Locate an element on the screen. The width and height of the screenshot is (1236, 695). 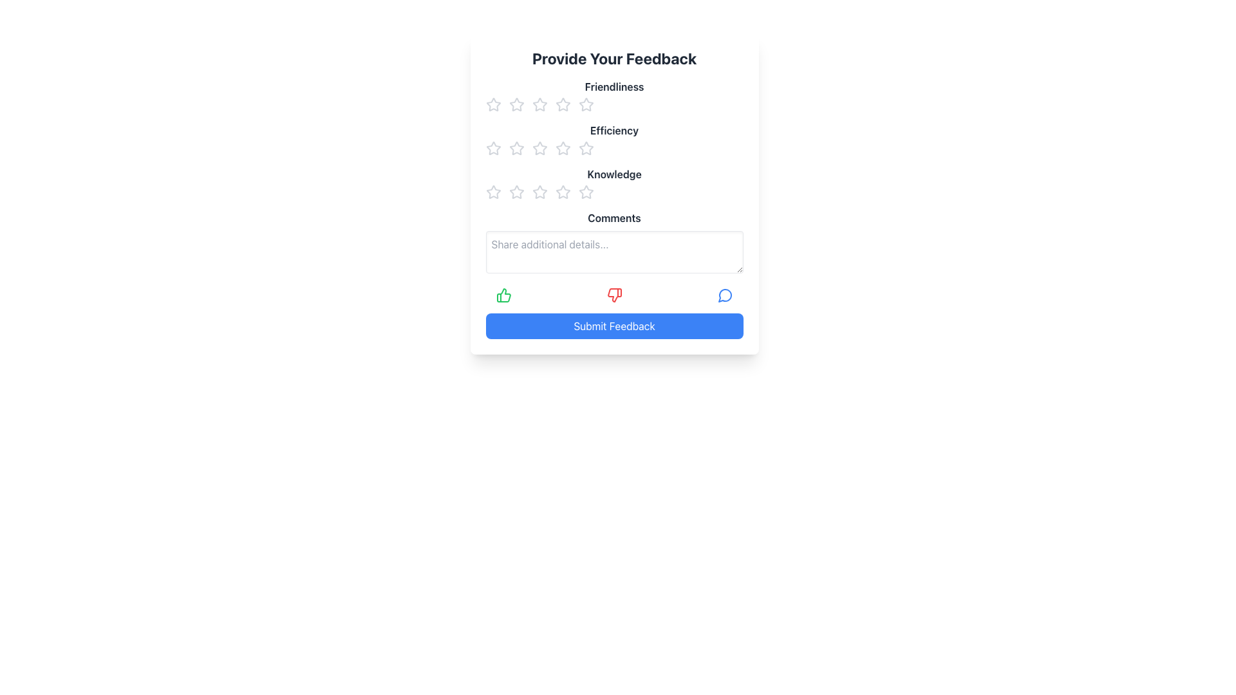
the third star icon in the 'Knowledge' rating row is located at coordinates (539, 192).